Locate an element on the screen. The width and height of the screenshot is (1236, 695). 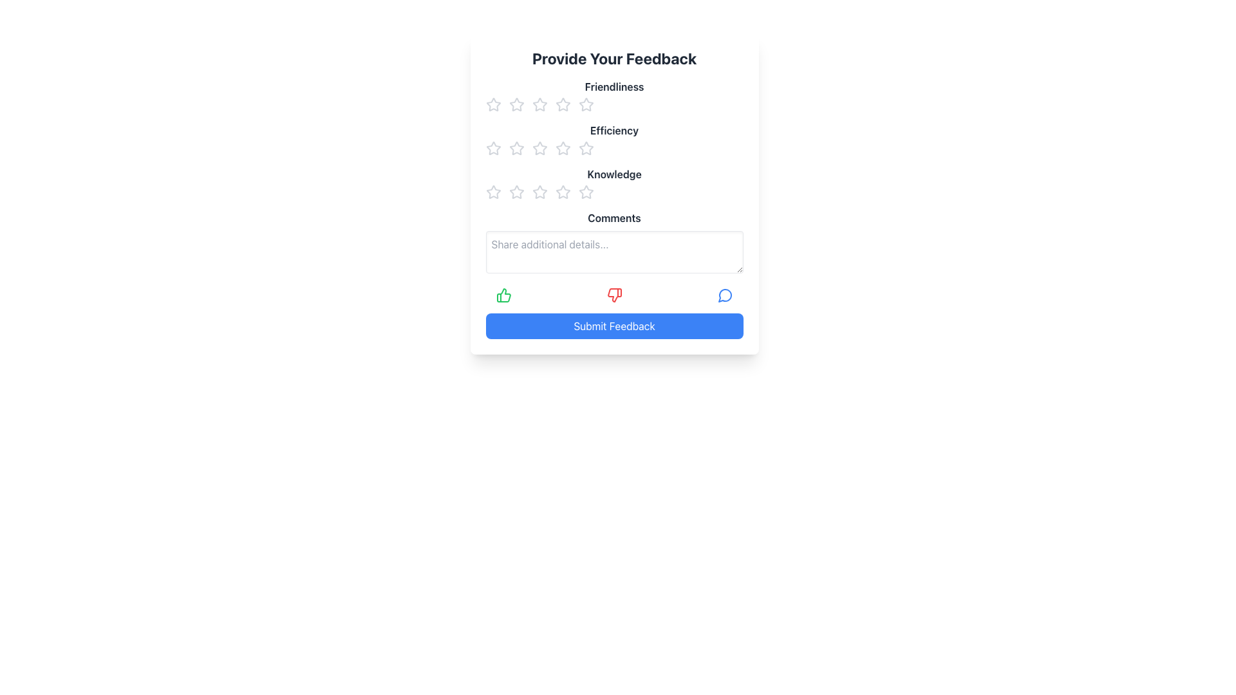
the third star icon in the 'Knowledge' rating row is located at coordinates (539, 192).